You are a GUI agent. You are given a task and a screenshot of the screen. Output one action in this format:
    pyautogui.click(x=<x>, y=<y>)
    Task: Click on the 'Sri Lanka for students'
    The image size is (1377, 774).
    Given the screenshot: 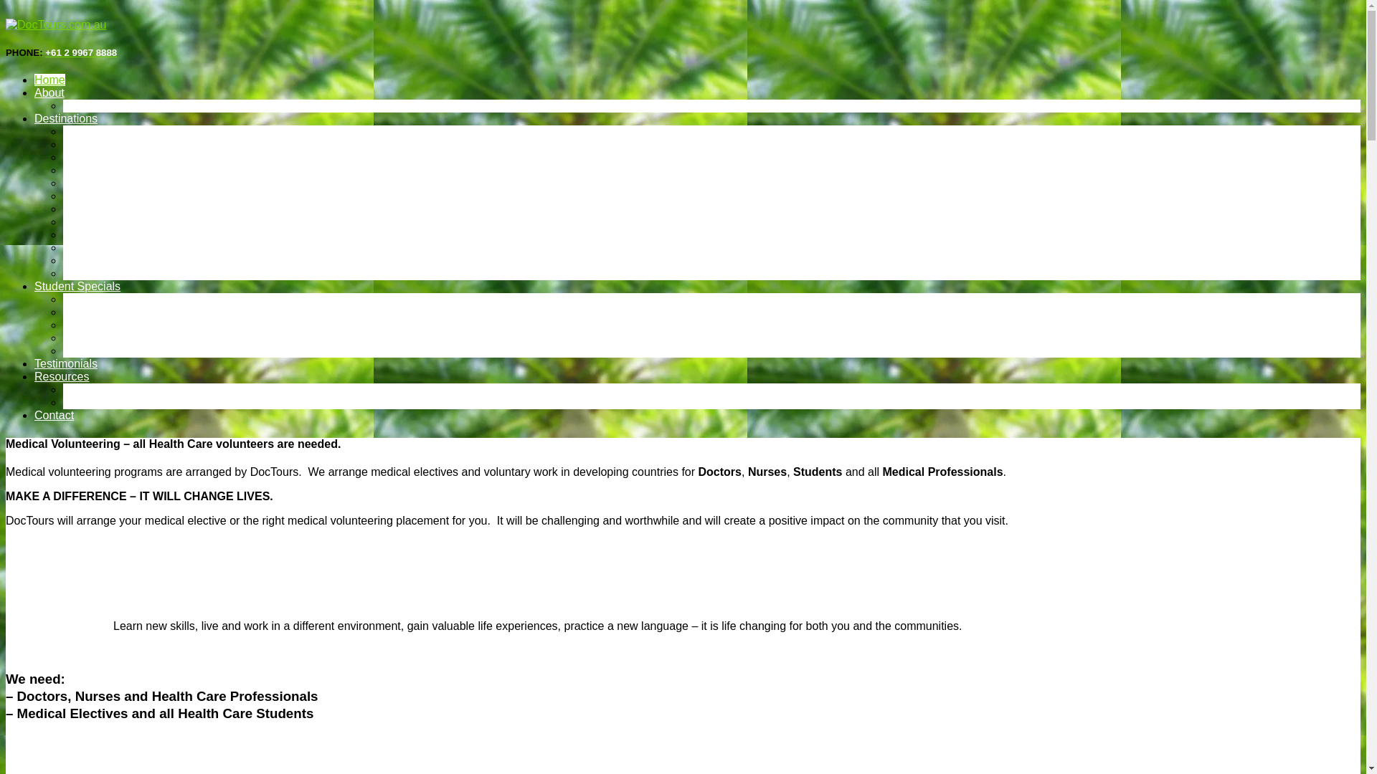 What is the action you would take?
    pyautogui.click(x=119, y=325)
    